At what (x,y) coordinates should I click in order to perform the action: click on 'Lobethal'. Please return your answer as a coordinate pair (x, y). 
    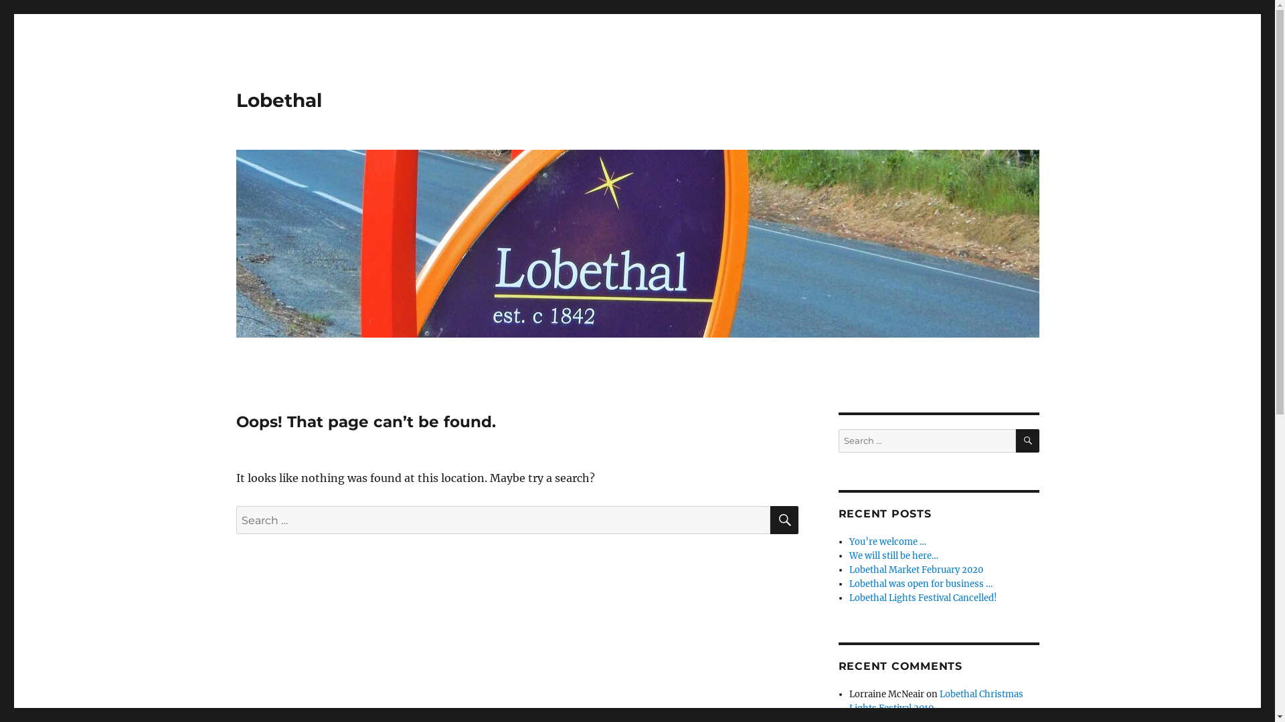
    Looking at the image, I should click on (278, 100).